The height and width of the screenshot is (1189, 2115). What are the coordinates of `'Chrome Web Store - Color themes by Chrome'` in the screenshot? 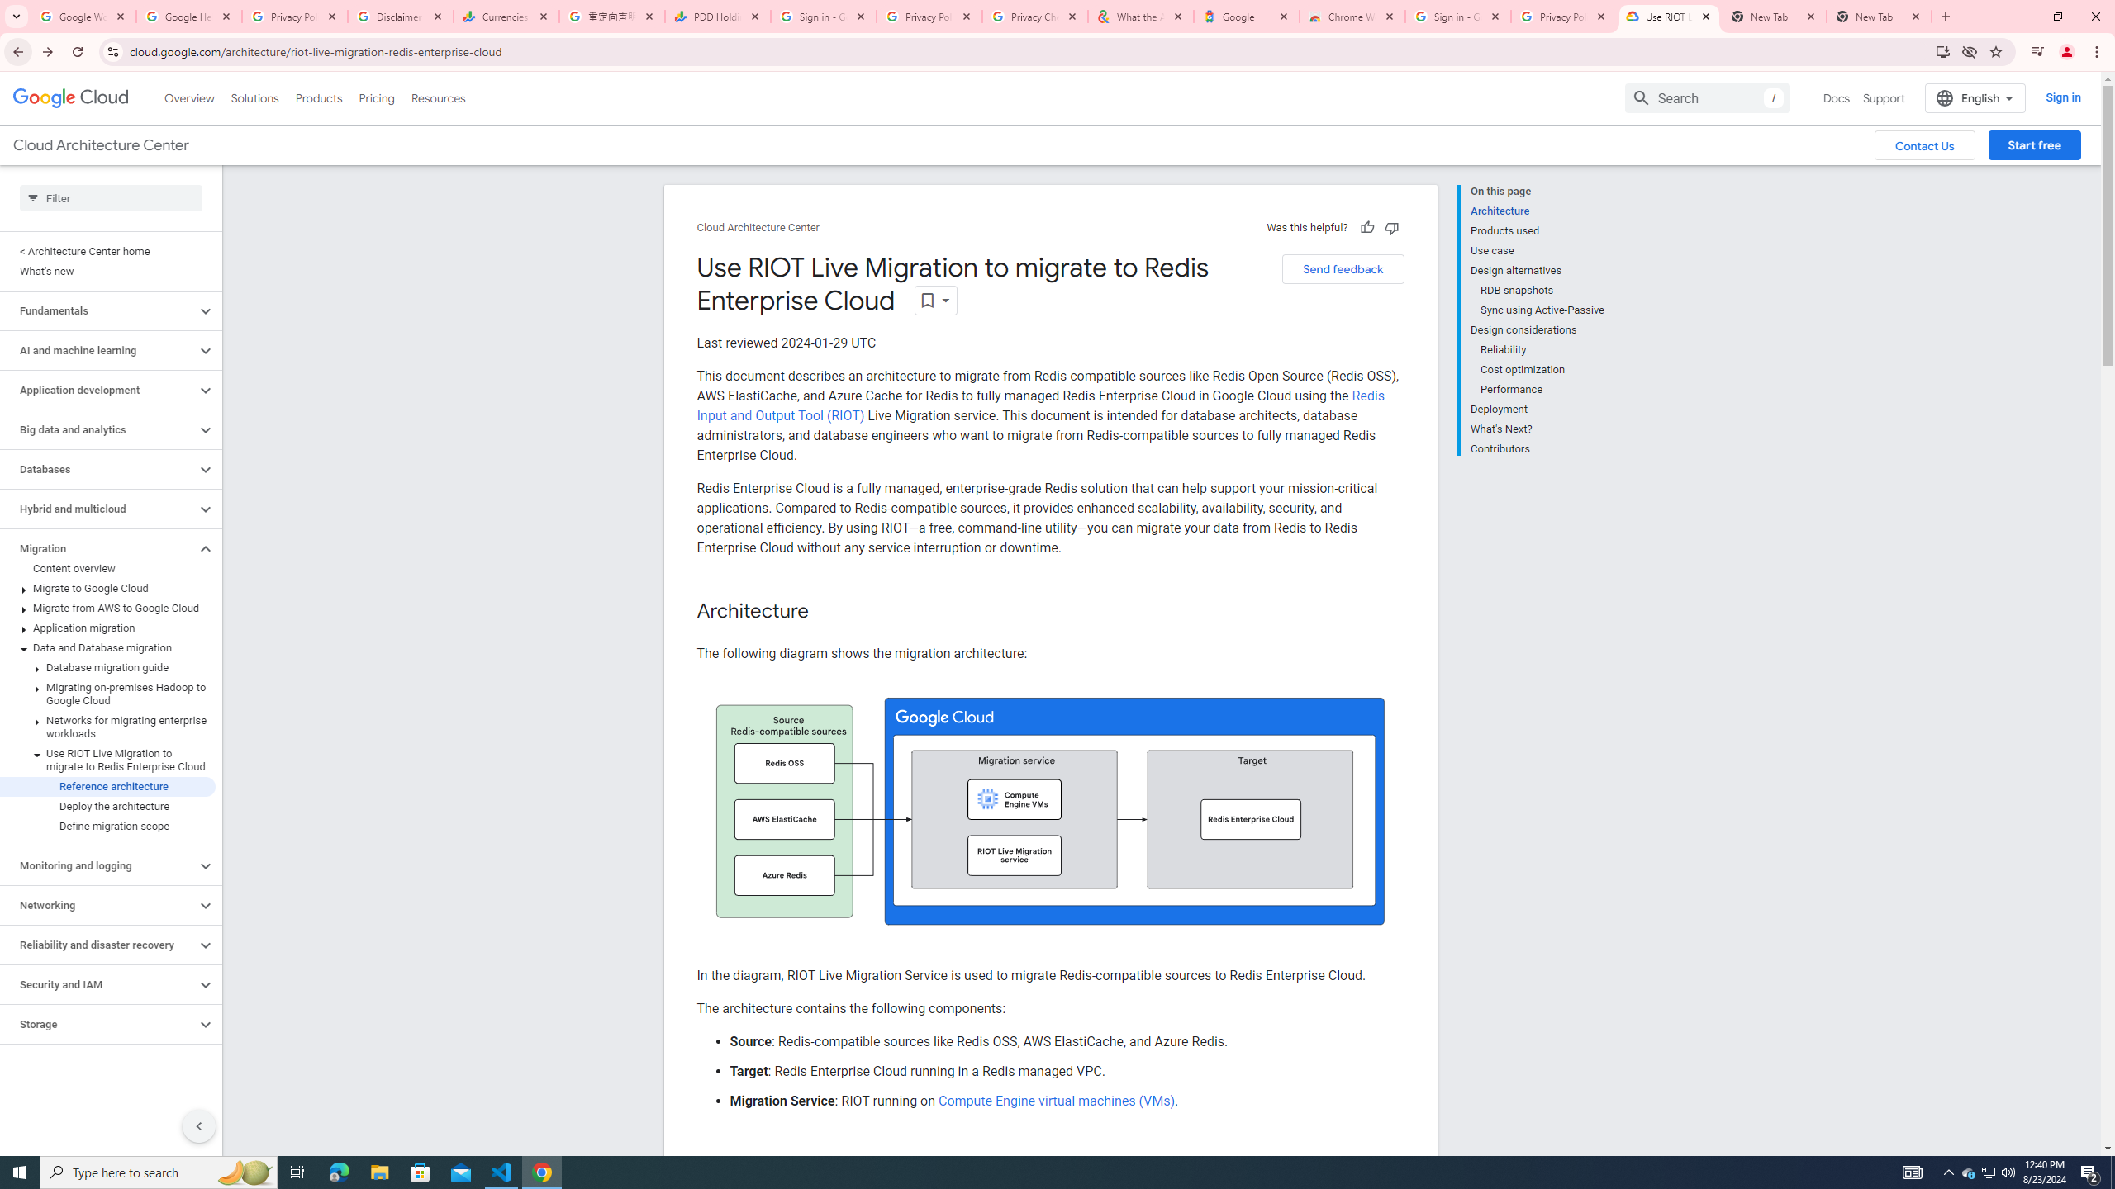 It's located at (1352, 16).